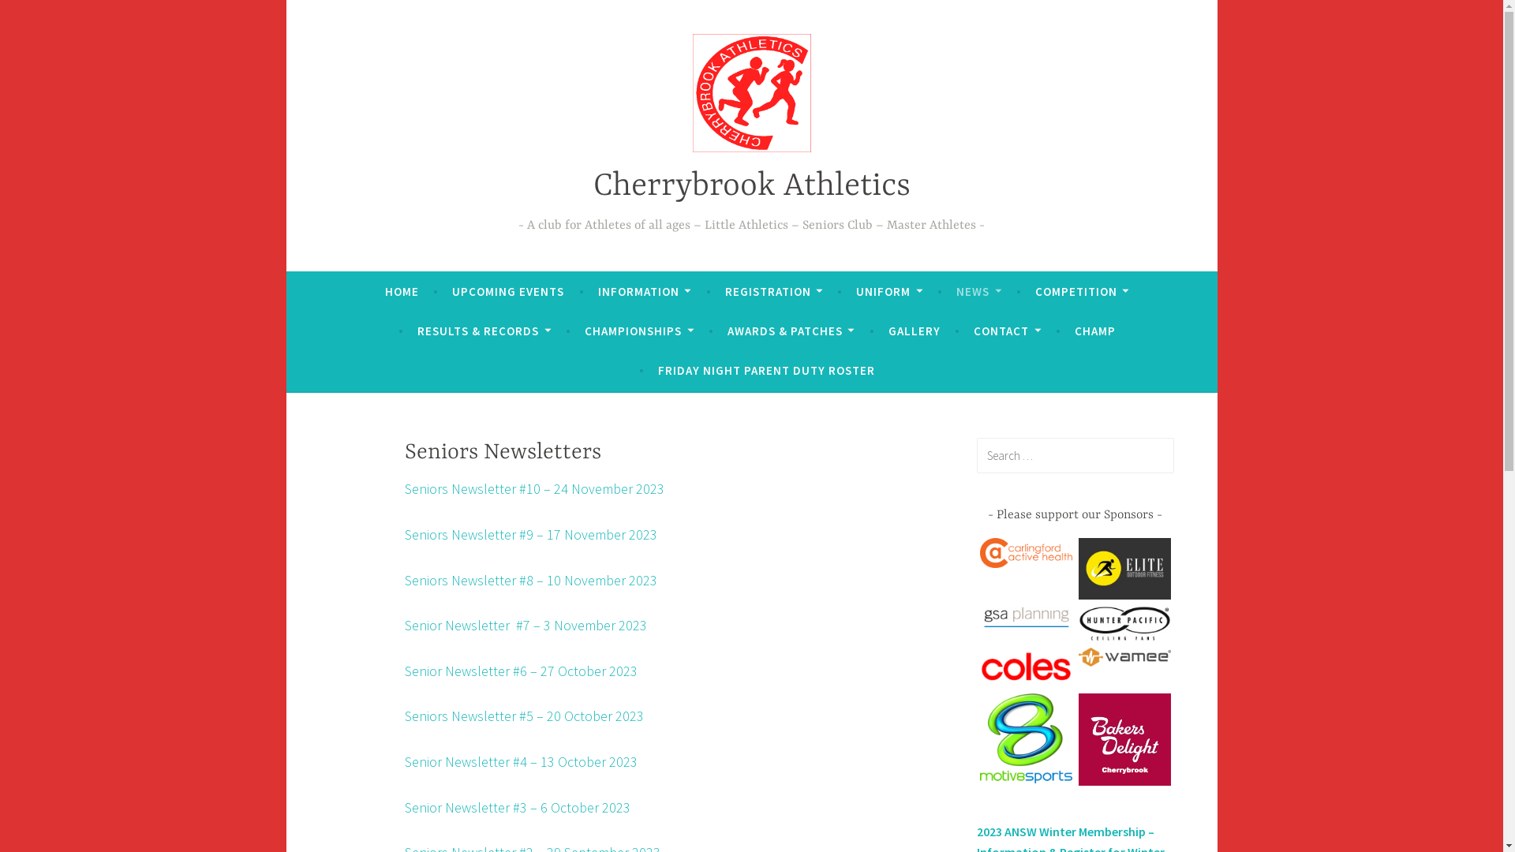 This screenshot has width=1515, height=852. I want to click on 'FRIDAY NIGHT PARENT DUTY ROSTER', so click(766, 371).